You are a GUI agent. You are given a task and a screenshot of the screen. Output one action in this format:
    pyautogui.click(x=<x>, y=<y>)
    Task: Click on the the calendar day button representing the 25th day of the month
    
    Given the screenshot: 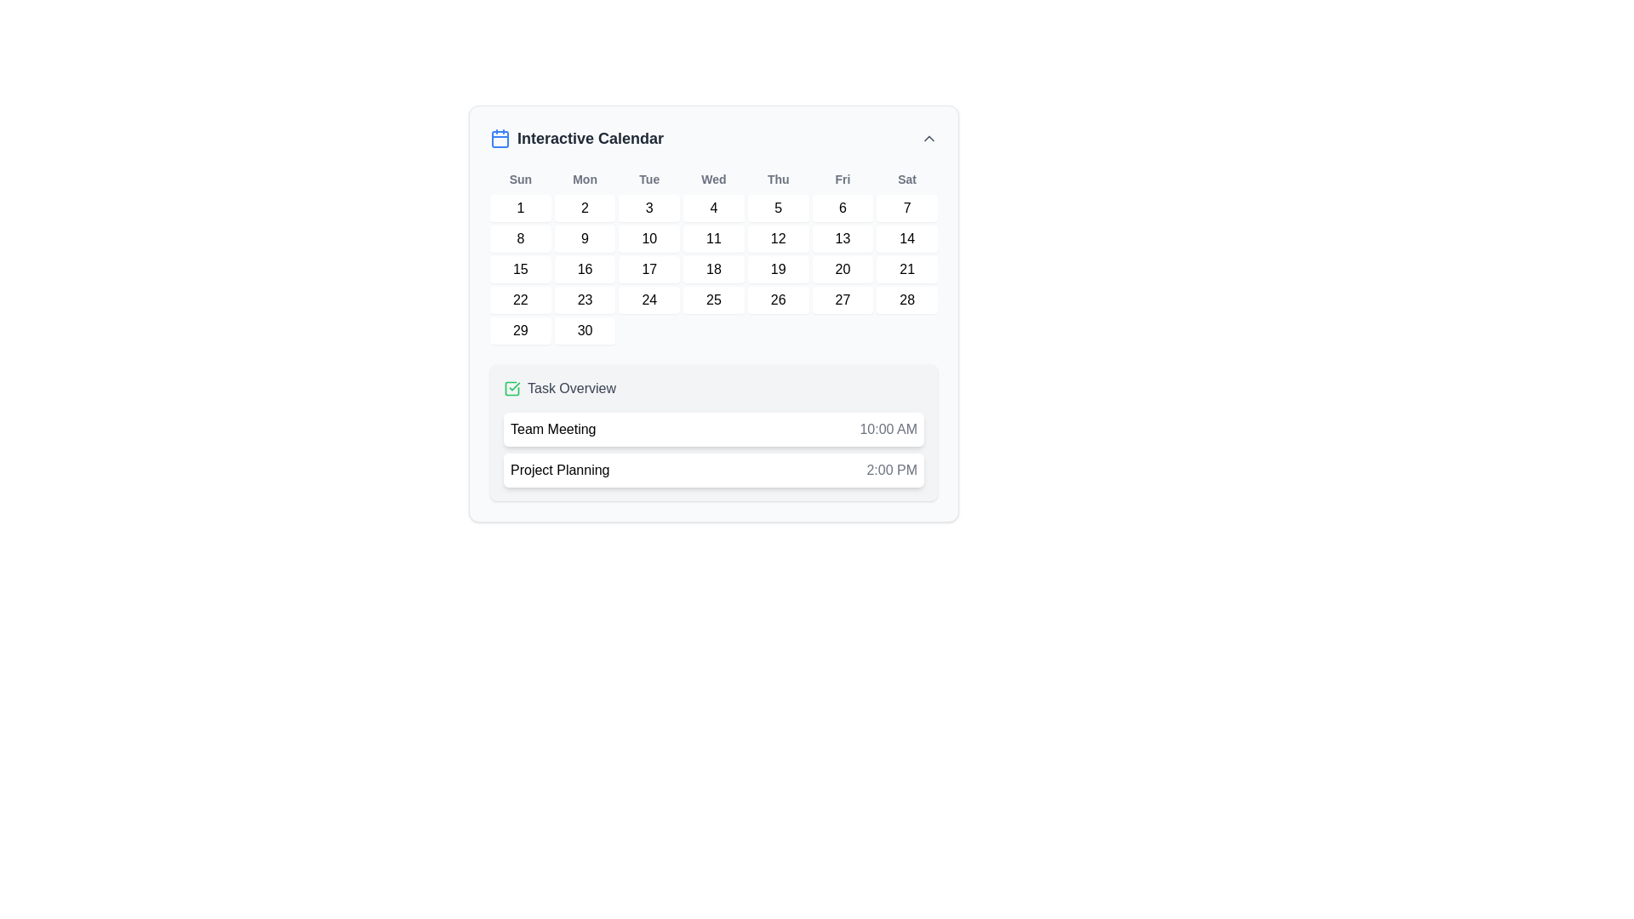 What is the action you would take?
    pyautogui.click(x=714, y=300)
    